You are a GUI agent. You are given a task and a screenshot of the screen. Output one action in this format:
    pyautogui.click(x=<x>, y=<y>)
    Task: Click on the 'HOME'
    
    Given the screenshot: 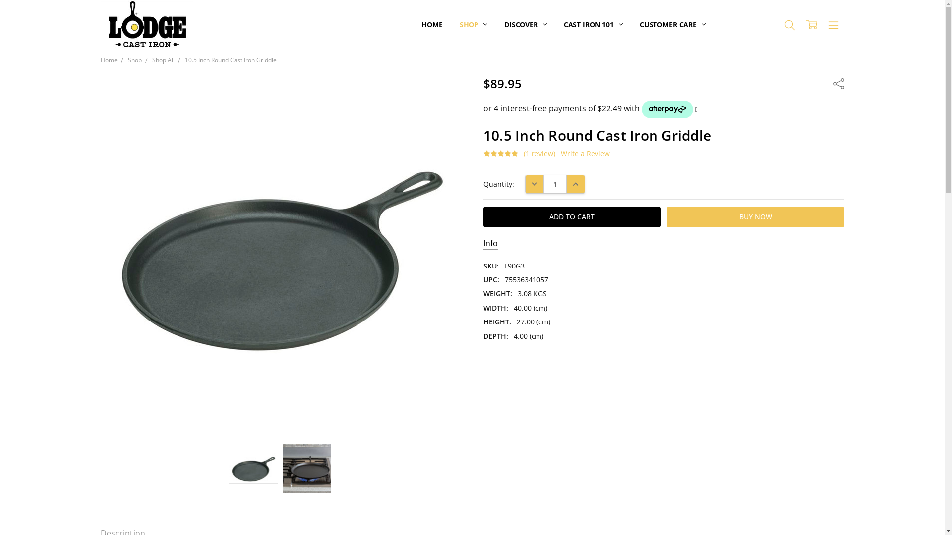 What is the action you would take?
    pyautogui.click(x=431, y=24)
    